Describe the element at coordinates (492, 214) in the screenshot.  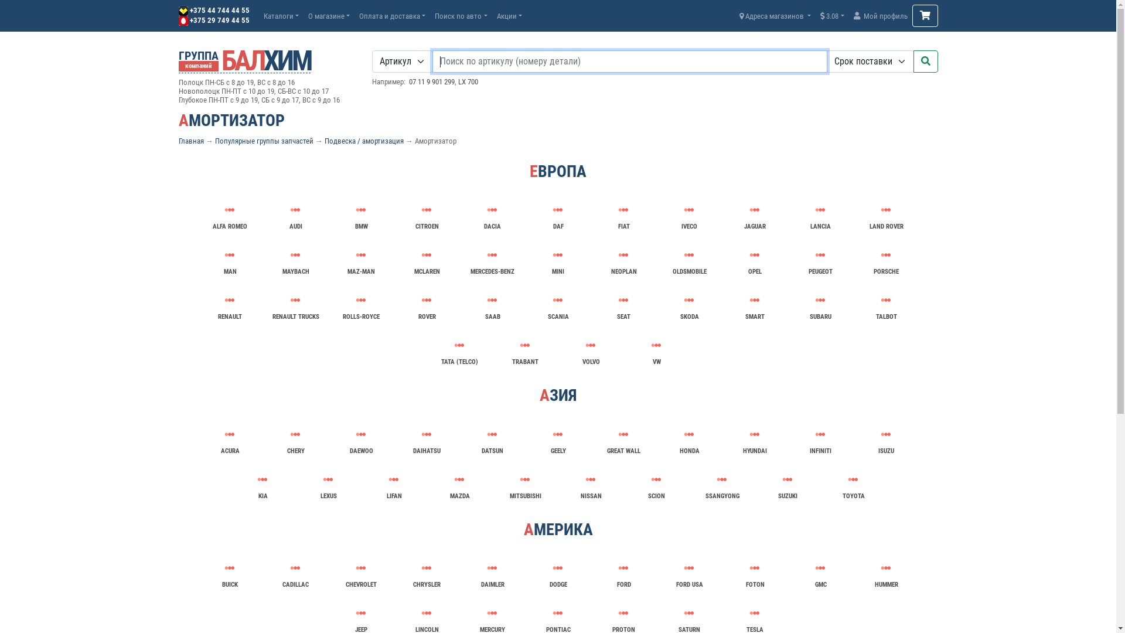
I see `'DACIA'` at that location.